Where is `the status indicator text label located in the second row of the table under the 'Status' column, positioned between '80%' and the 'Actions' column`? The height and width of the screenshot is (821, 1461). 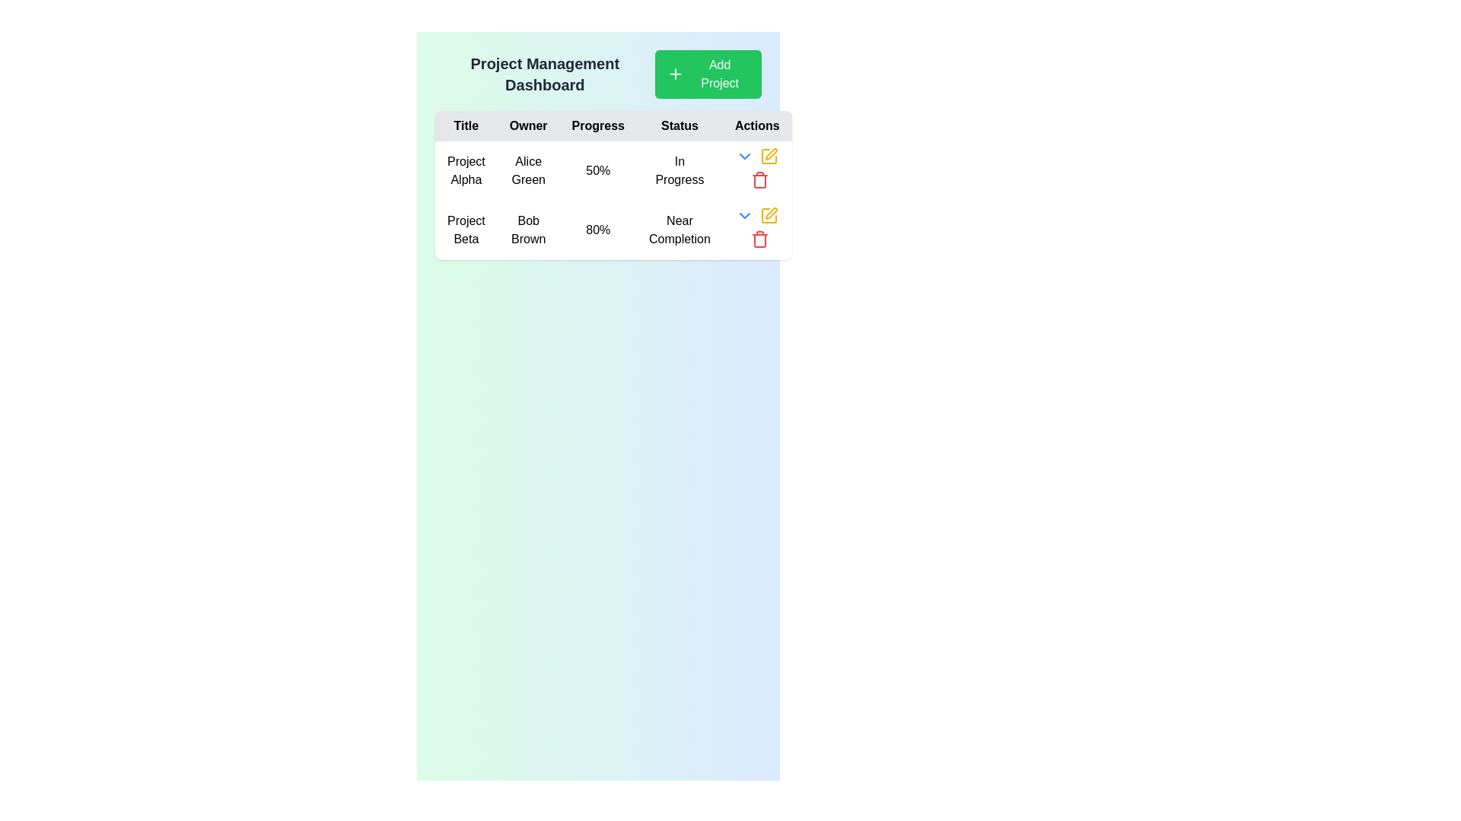 the status indicator text label located in the second row of the table under the 'Status' column, positioned between '80%' and the 'Actions' column is located at coordinates (679, 230).